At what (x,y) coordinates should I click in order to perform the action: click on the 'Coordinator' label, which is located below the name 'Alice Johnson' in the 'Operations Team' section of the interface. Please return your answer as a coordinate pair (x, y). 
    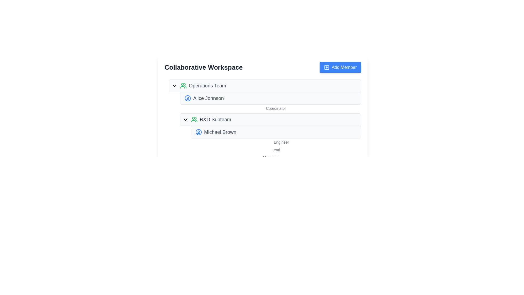
    Looking at the image, I should click on (276, 108).